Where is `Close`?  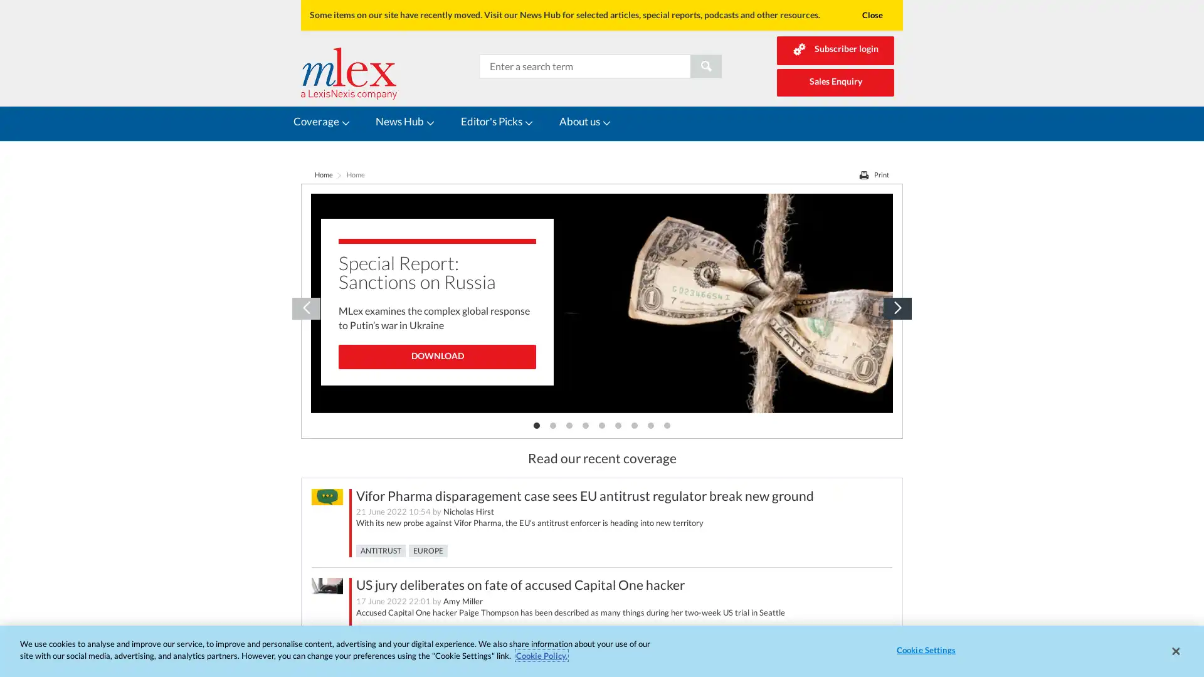 Close is located at coordinates (872, 14).